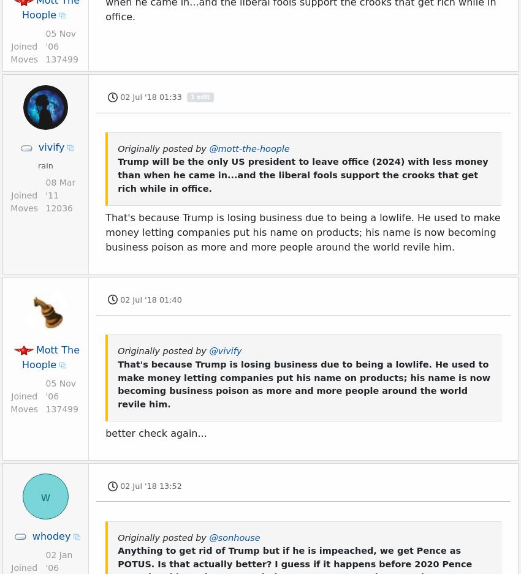 The width and height of the screenshot is (521, 574). Describe the element at coordinates (368, 26) in the screenshot. I see `'.'` at that location.